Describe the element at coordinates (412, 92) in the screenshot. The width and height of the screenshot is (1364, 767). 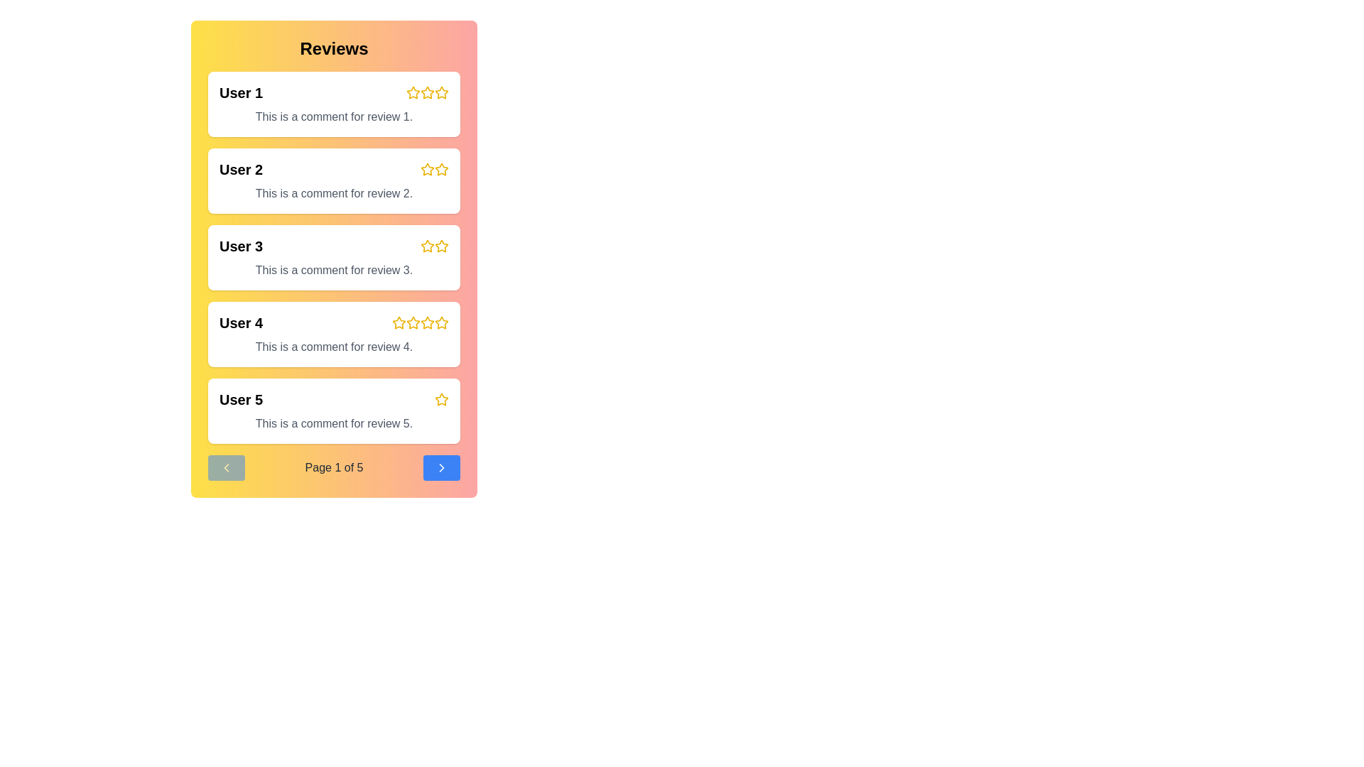
I see `the first star icon with a golden-yellow outline to rate it under the 'User 1' review entry` at that location.